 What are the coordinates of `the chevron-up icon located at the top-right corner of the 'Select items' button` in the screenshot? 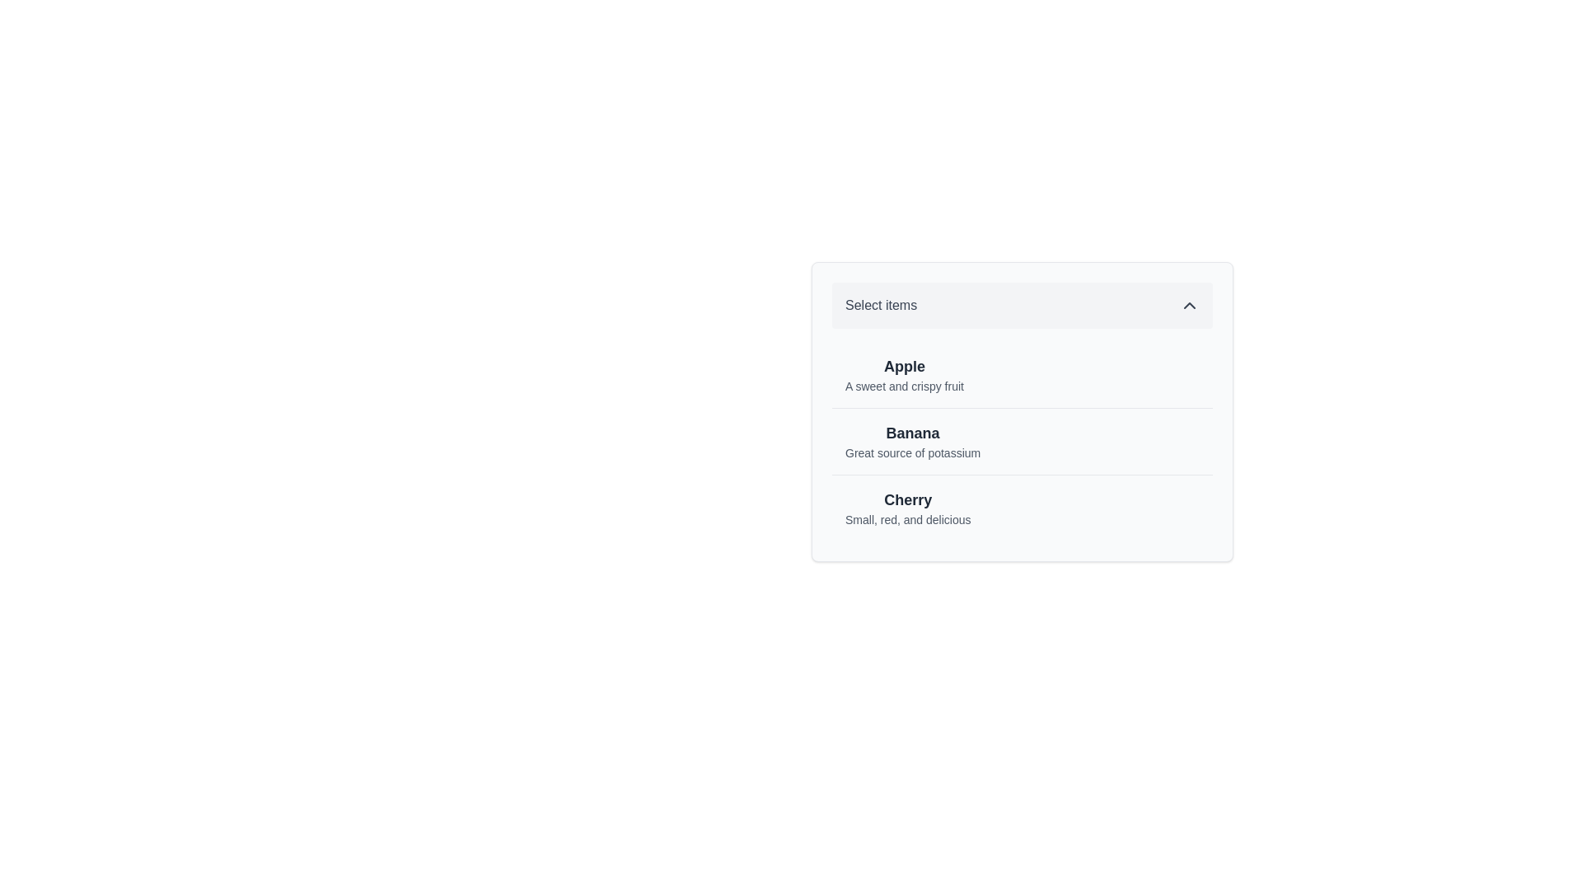 It's located at (1190, 305).